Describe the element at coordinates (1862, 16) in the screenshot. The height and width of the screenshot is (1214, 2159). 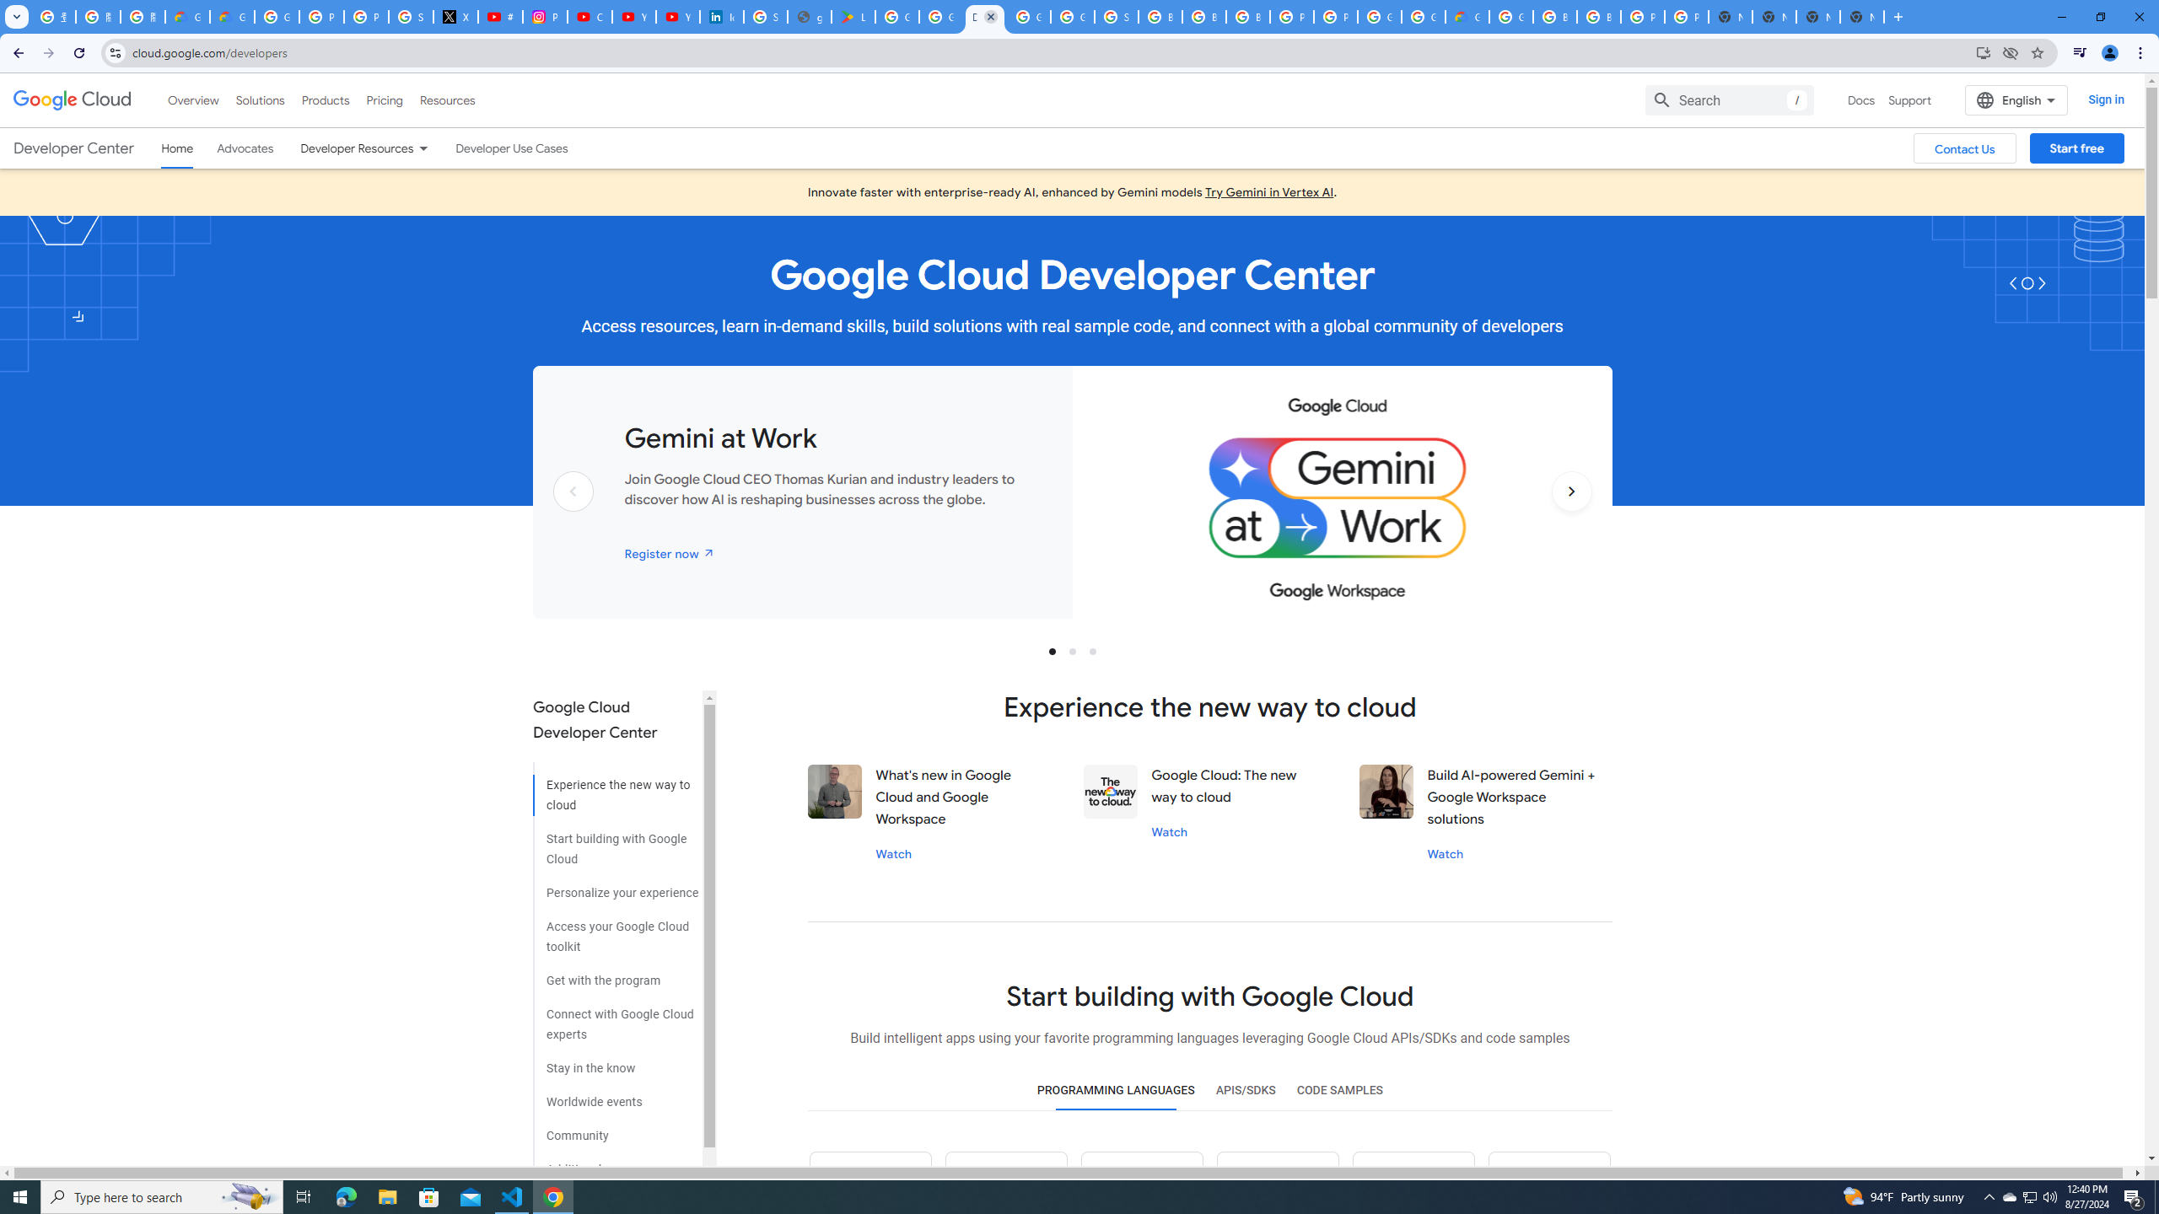
I see `'New Tab'` at that location.